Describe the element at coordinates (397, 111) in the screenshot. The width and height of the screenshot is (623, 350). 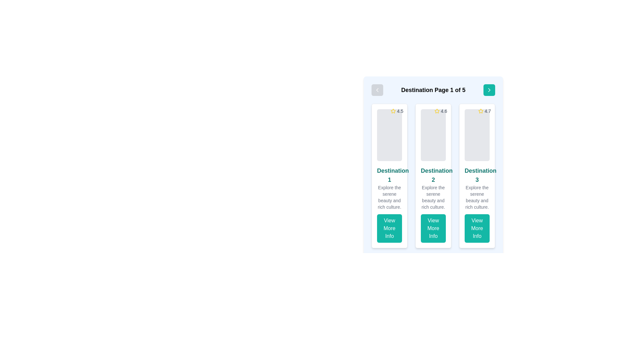
I see `the rating display element consisting of a yellow star icon followed by the text '4.5', located in the upper-right corner of the card labeled 'Destination 1'` at that location.